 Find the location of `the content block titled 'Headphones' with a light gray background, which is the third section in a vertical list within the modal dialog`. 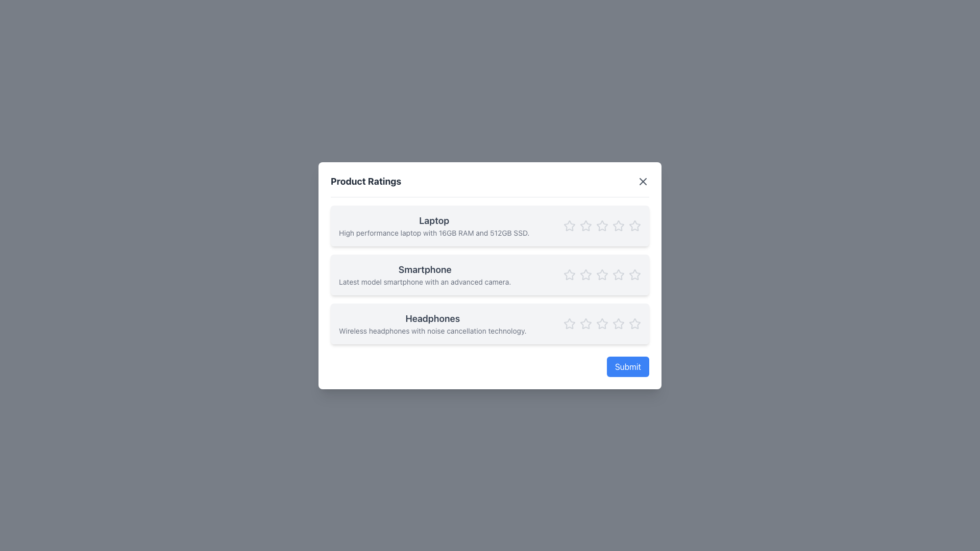

the content block titled 'Headphones' with a light gray background, which is the third section in a vertical list within the modal dialog is located at coordinates (490, 323).